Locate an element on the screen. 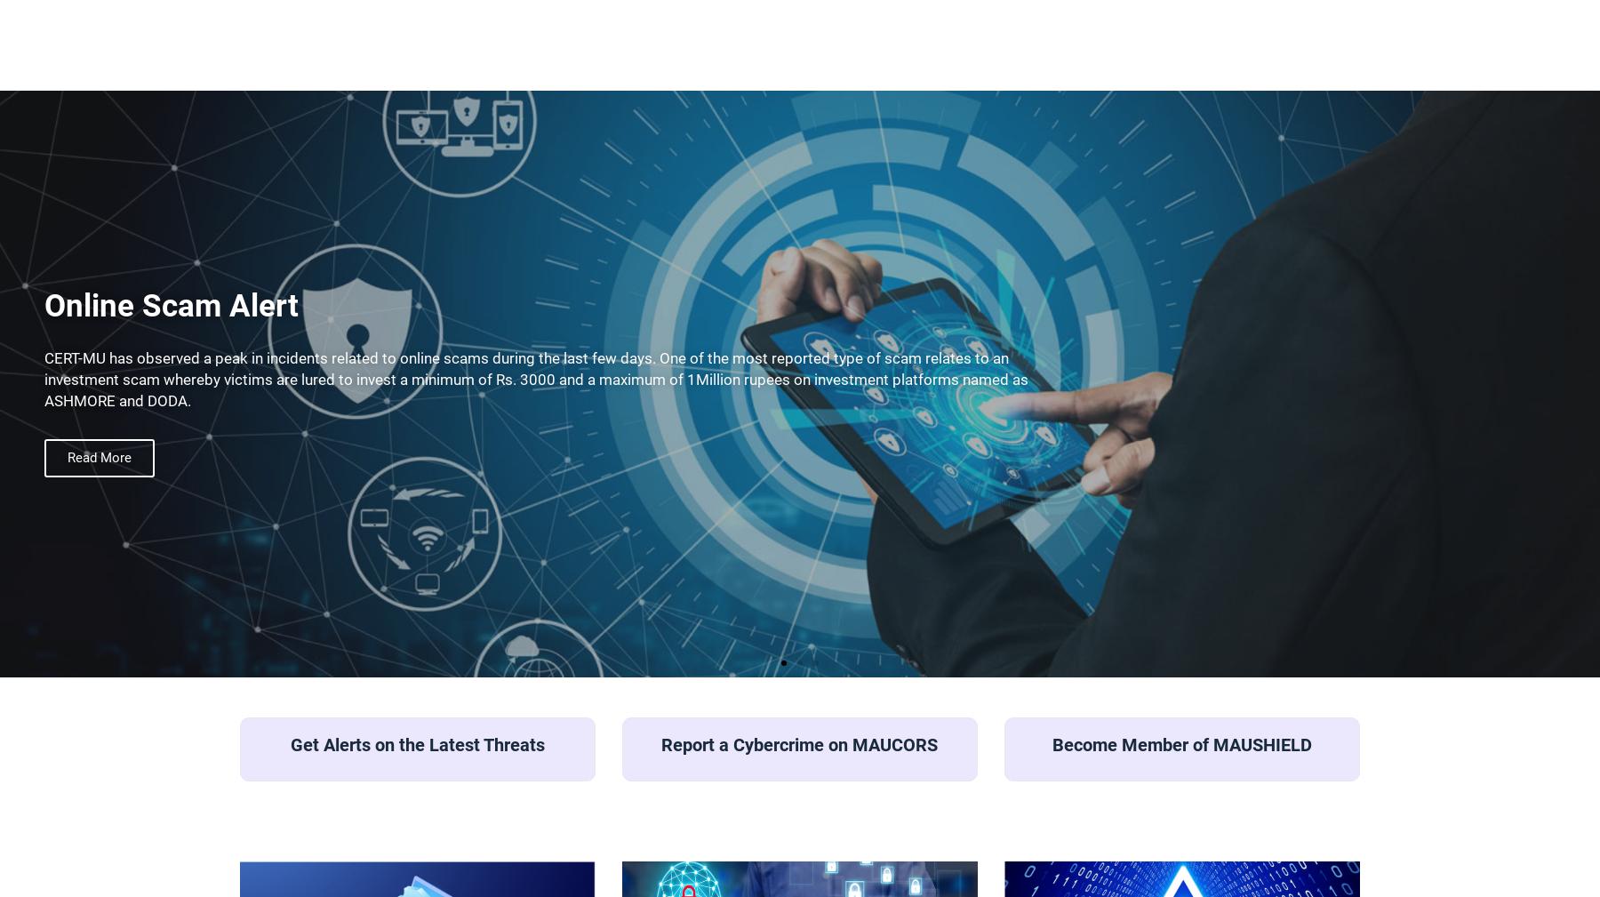 Image resolution: width=1600 pixels, height=897 pixels. 'Mandate & Mission' is located at coordinates (965, 120).